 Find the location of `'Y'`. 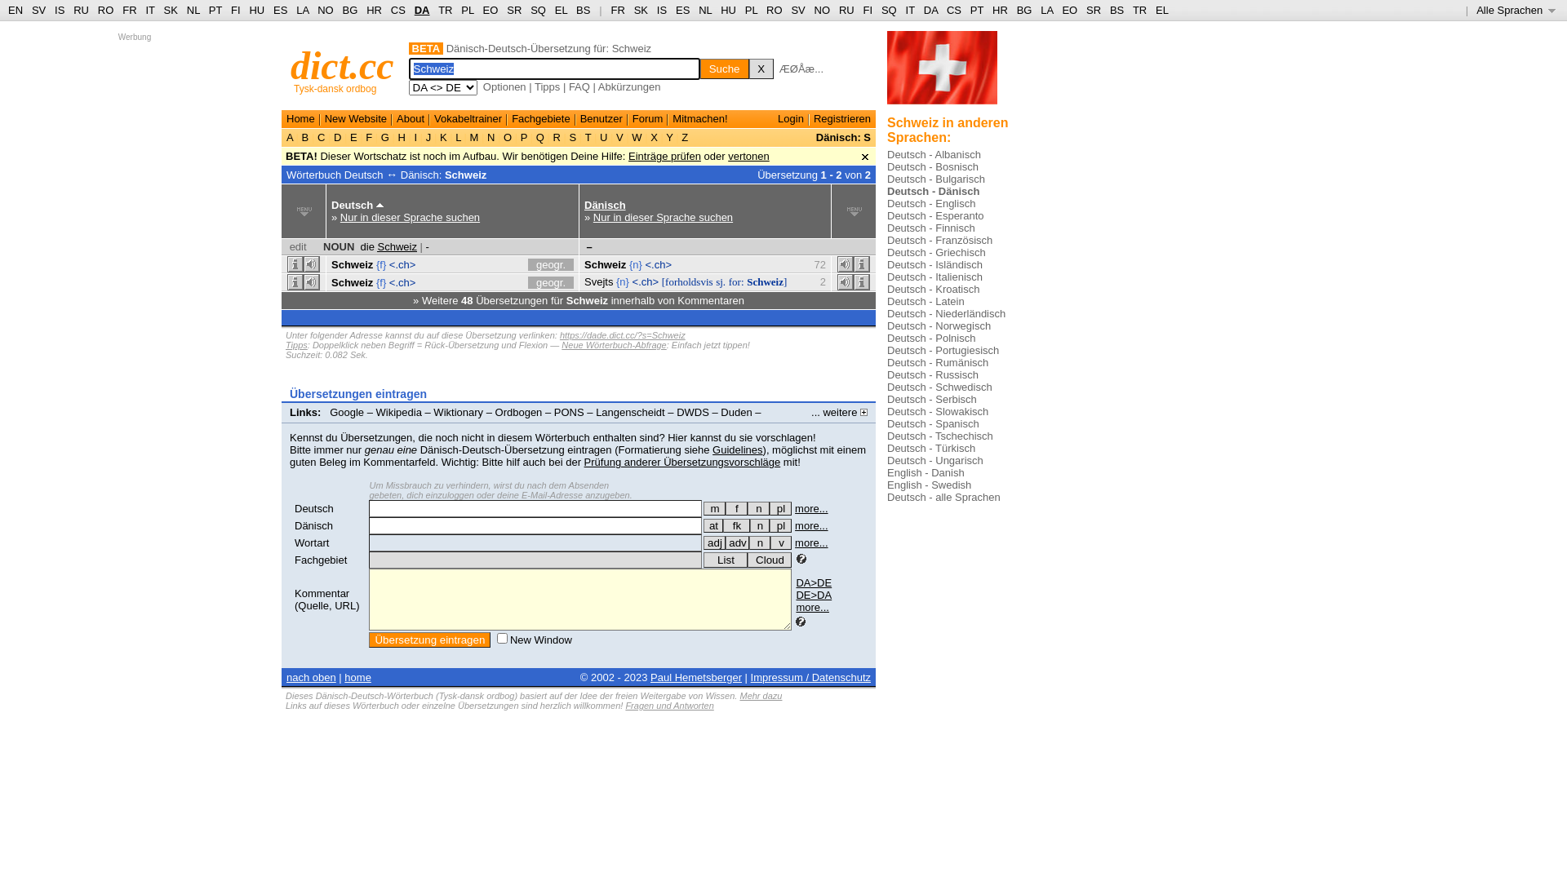

'Y' is located at coordinates (669, 136).